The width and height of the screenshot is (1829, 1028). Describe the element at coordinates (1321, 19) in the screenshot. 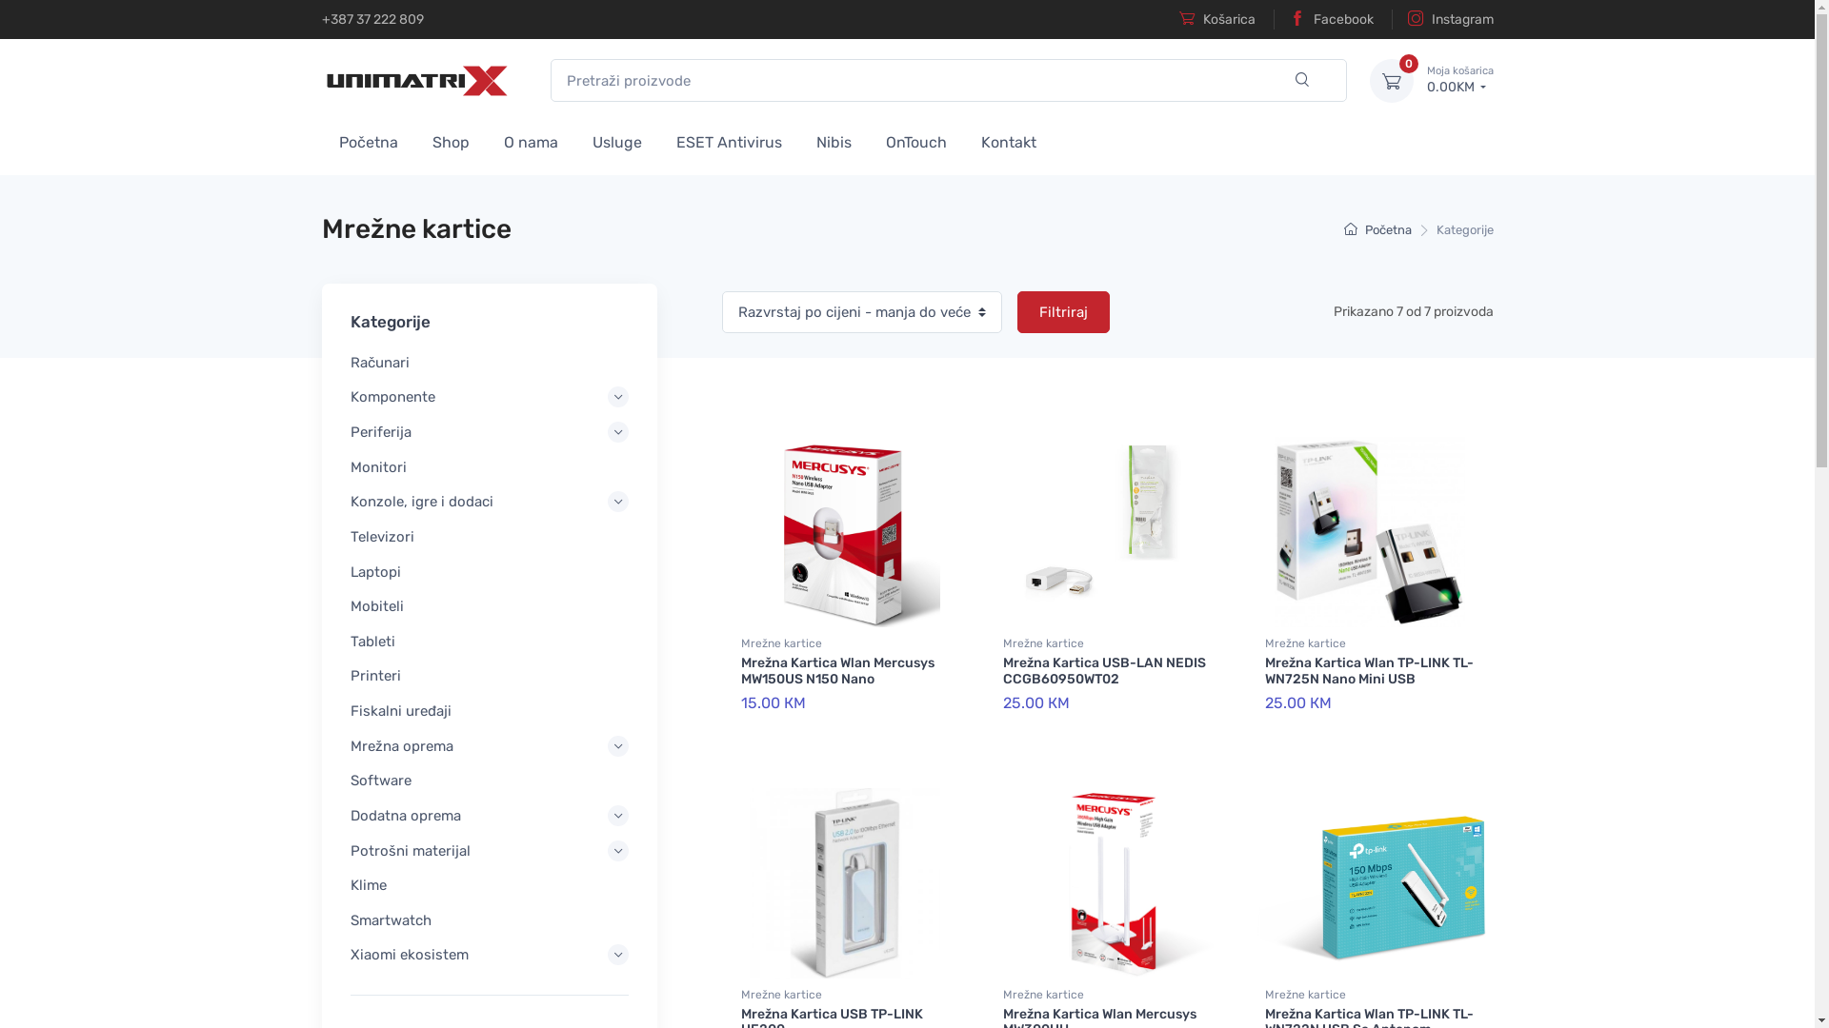

I see `'Facebook'` at that location.